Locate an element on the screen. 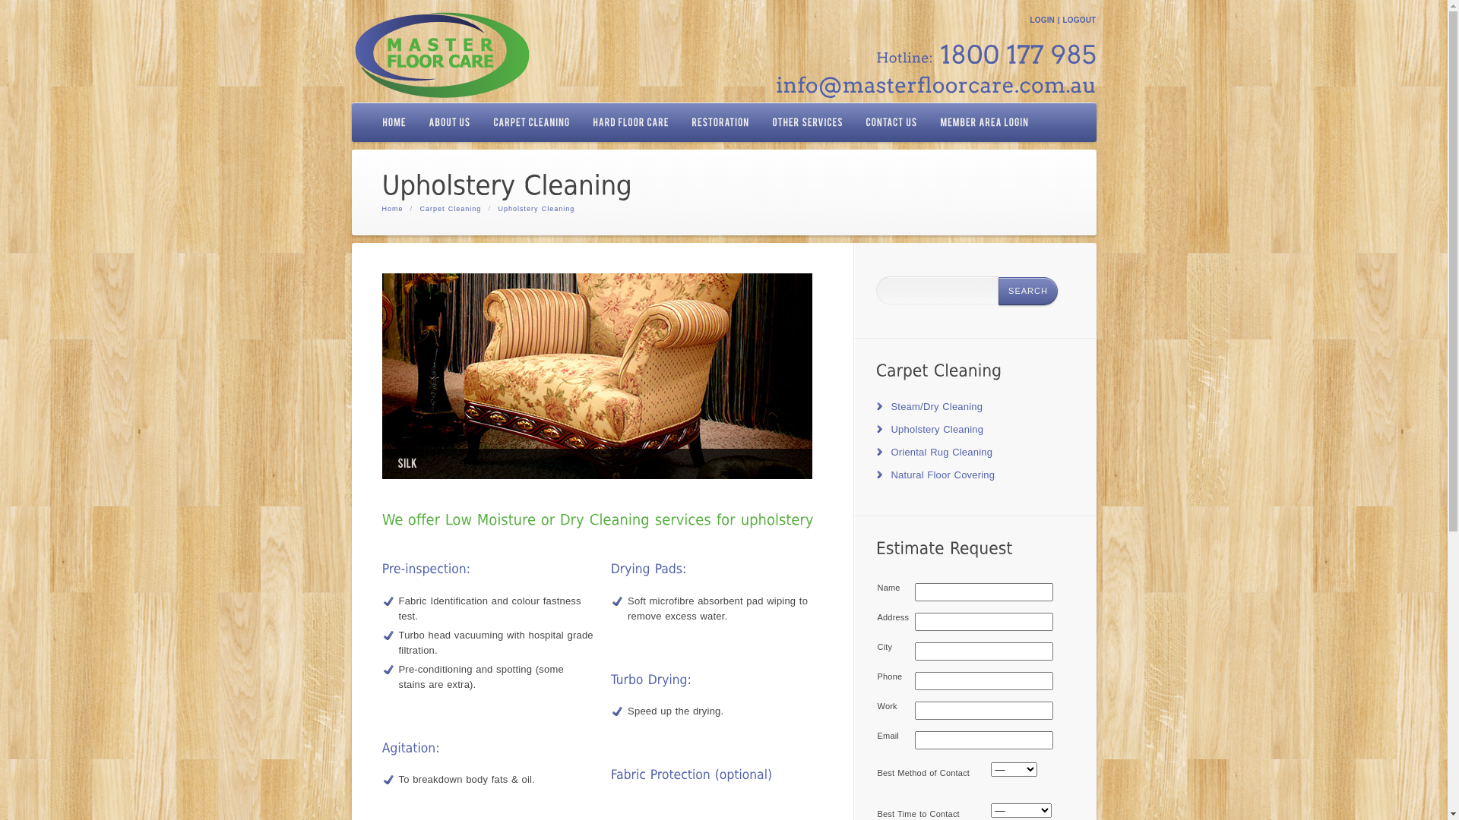  'Carpet Cleaning' is located at coordinates (450, 208).